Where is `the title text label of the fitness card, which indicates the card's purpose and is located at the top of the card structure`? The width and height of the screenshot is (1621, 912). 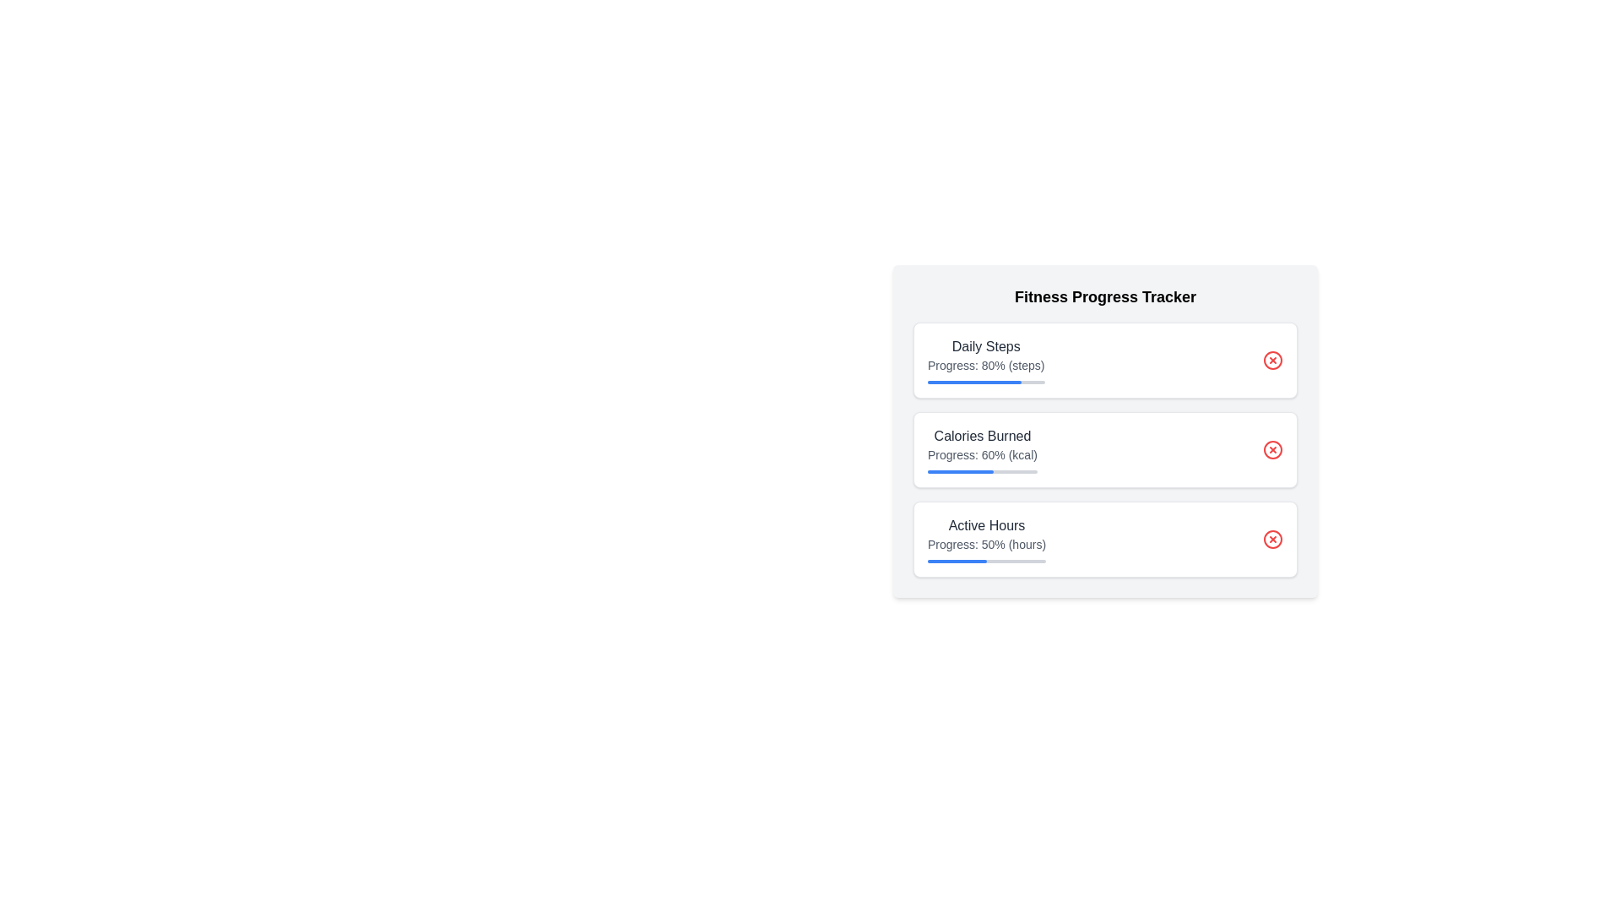
the title text label of the fitness card, which indicates the card's purpose and is located at the top of the card structure is located at coordinates (1105, 296).